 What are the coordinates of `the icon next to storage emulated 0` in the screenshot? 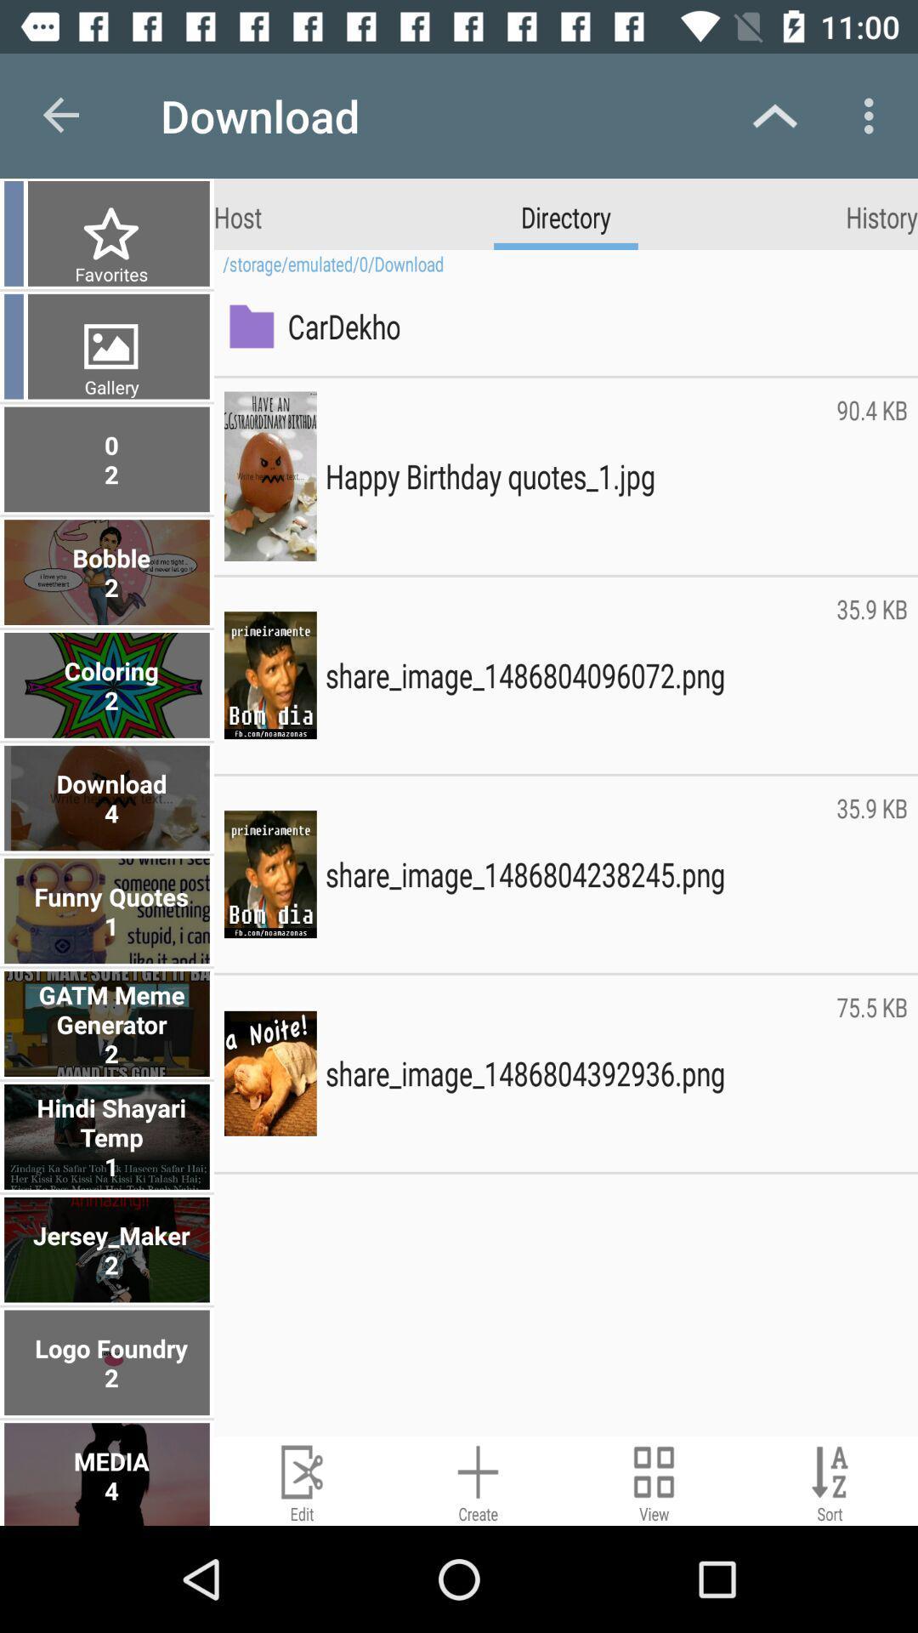 It's located at (109, 274).